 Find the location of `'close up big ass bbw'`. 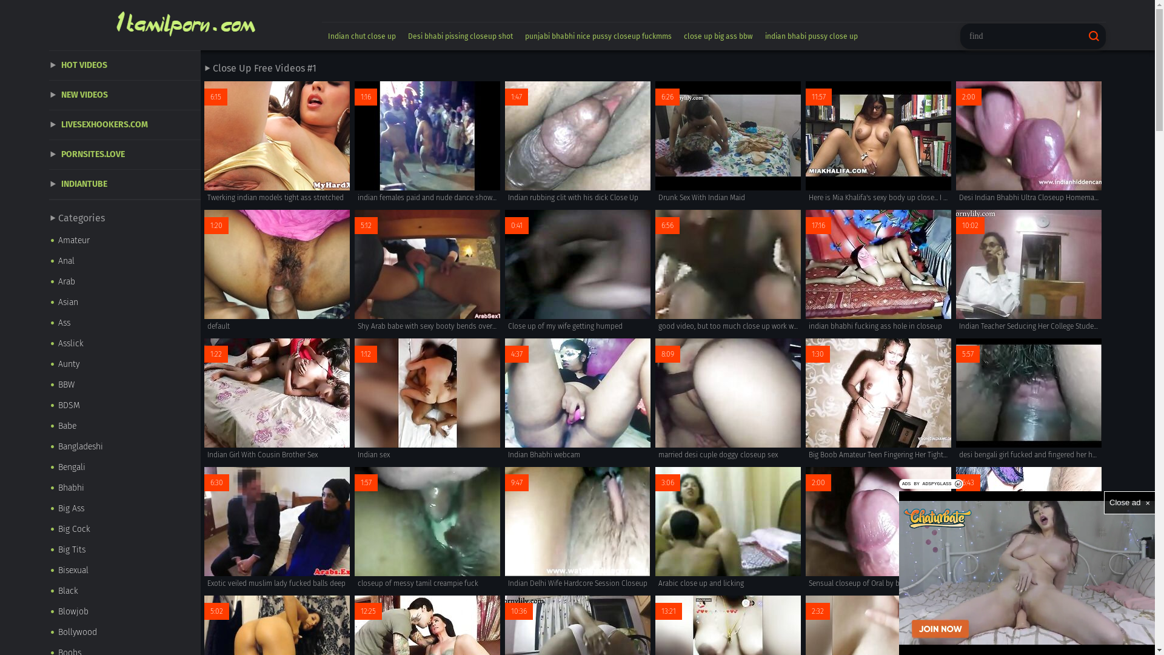

'close up big ass bbw' is located at coordinates (718, 36).